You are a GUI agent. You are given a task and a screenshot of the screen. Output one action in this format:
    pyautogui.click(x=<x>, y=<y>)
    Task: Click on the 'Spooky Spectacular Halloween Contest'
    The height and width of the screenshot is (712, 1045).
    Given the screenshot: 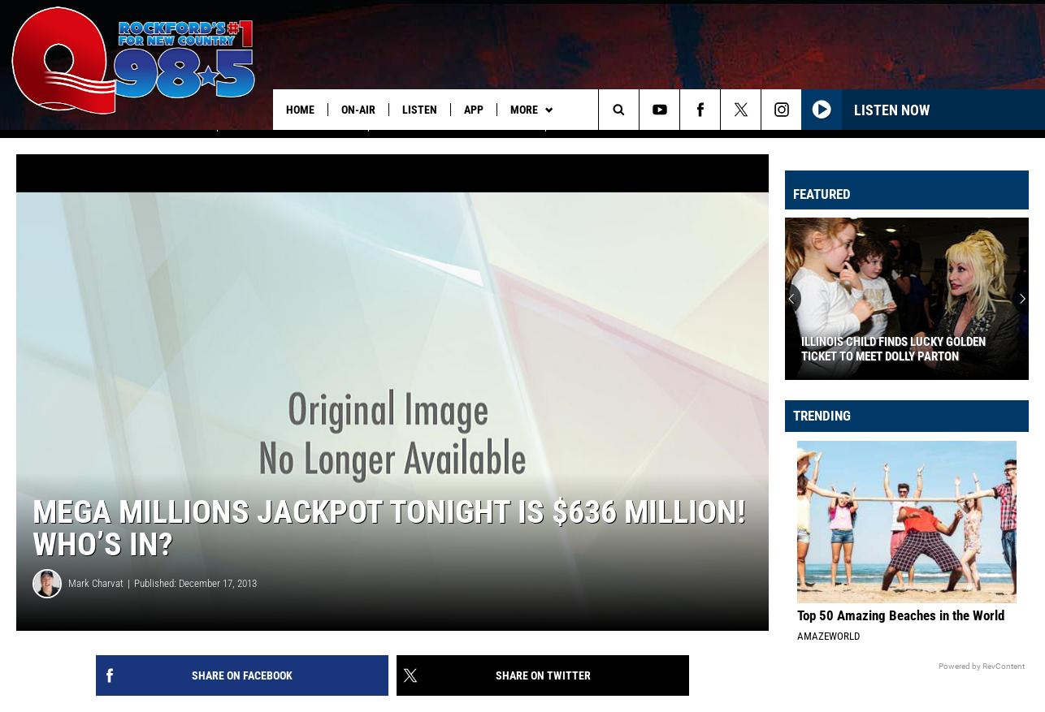 What is the action you would take?
    pyautogui.click(x=665, y=143)
    